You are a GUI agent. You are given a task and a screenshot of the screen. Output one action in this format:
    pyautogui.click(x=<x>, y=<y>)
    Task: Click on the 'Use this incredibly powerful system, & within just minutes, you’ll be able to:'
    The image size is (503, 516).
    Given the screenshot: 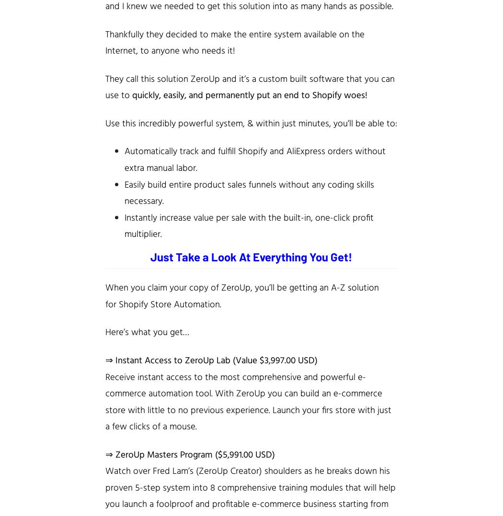 What is the action you would take?
    pyautogui.click(x=251, y=123)
    